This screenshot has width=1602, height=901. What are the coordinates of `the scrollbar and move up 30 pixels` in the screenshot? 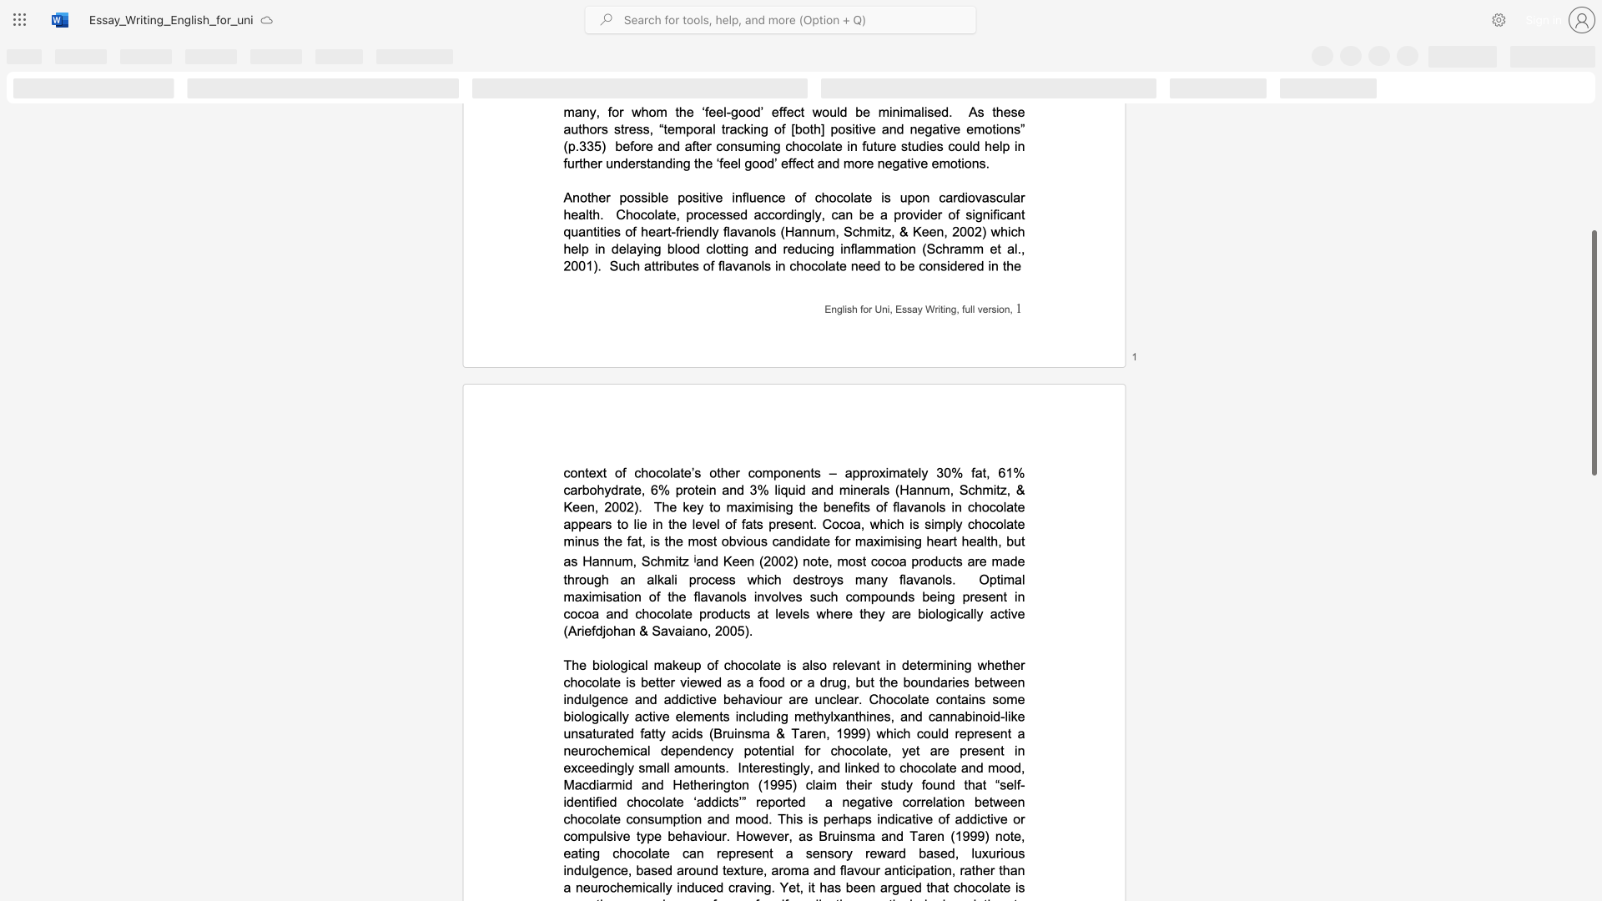 It's located at (1593, 352).